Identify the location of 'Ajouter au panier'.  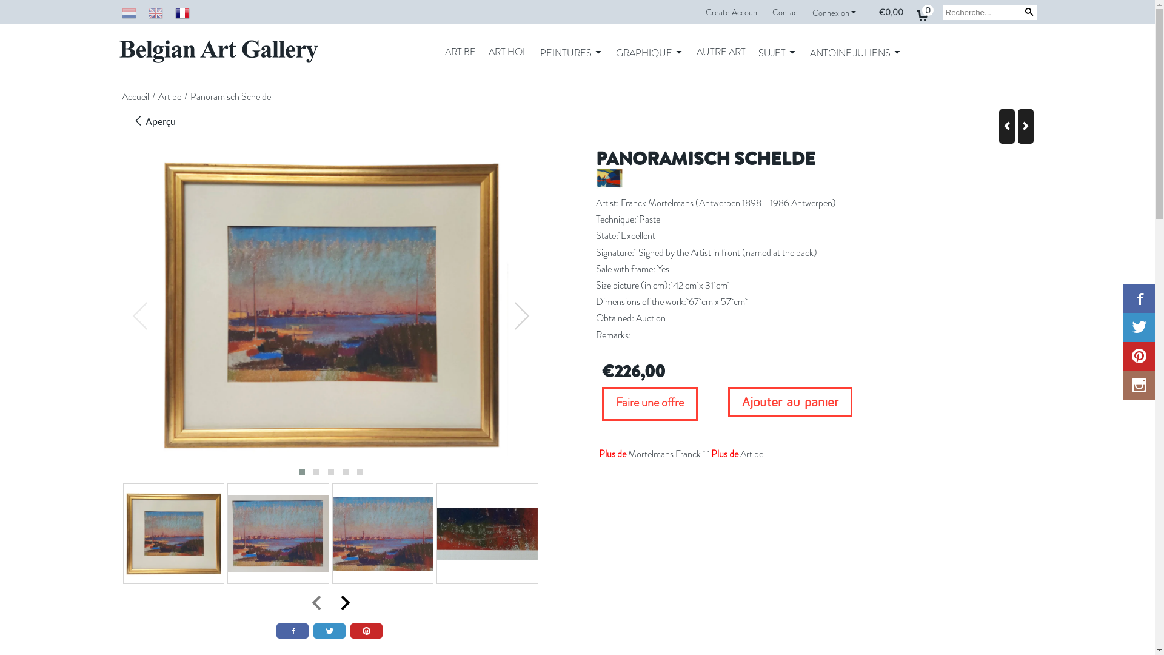
(790, 402).